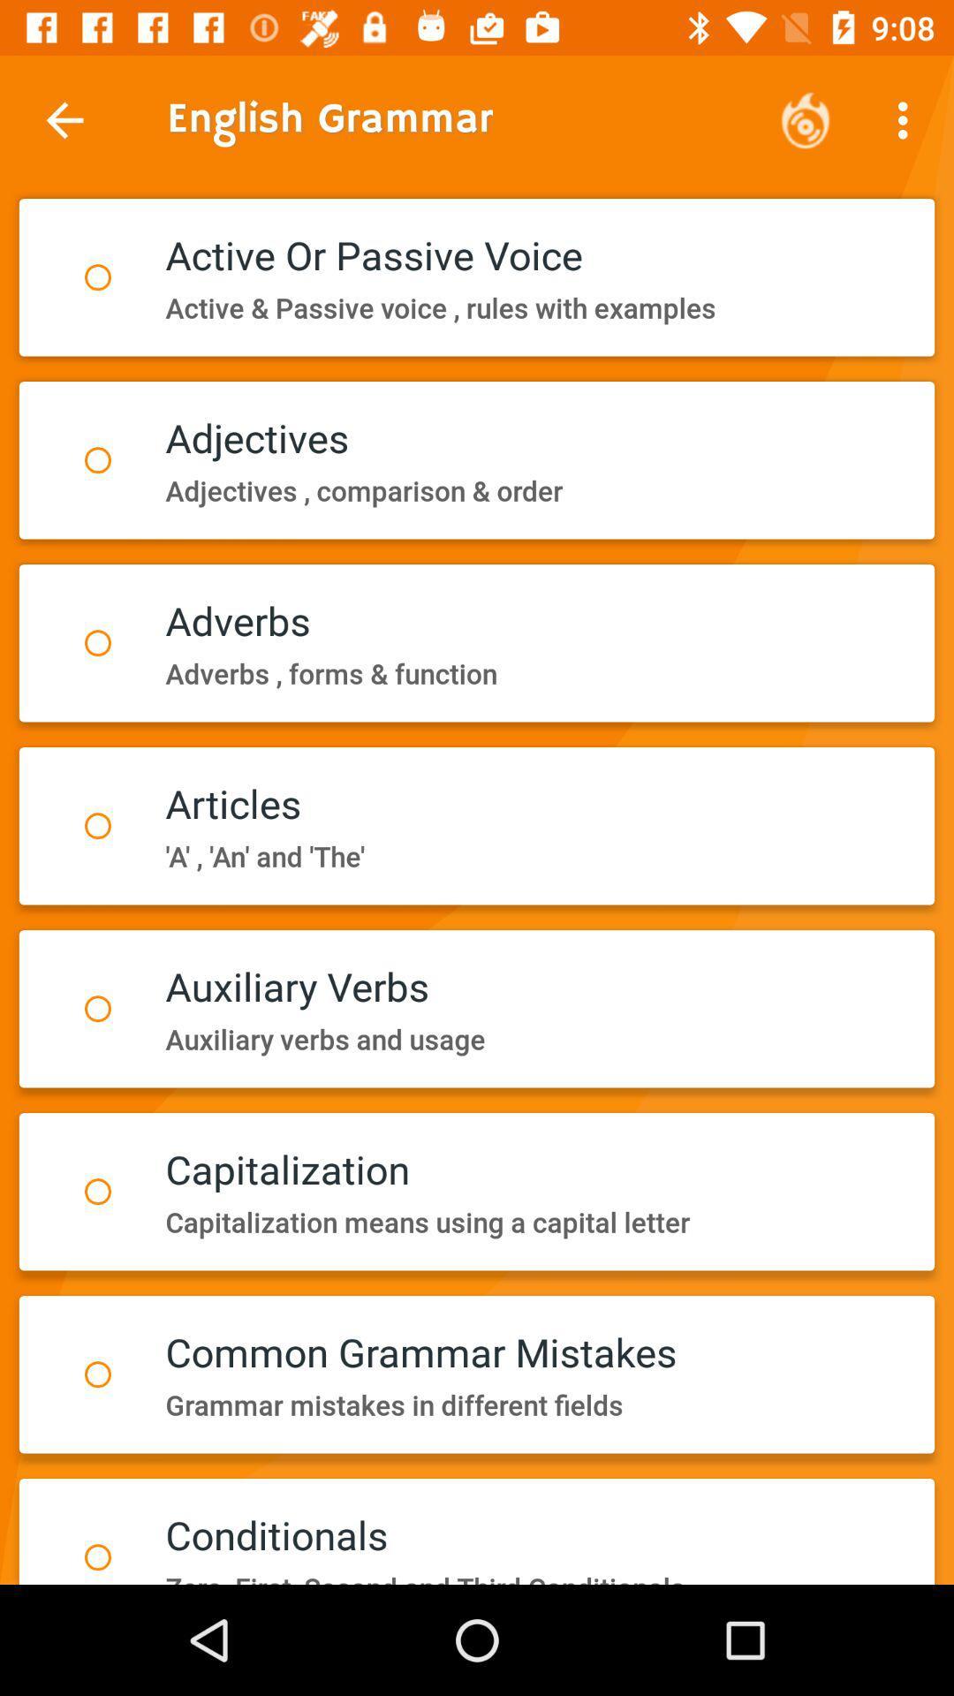 The width and height of the screenshot is (954, 1696). I want to click on icon above the active passive voice, so click(907, 119).